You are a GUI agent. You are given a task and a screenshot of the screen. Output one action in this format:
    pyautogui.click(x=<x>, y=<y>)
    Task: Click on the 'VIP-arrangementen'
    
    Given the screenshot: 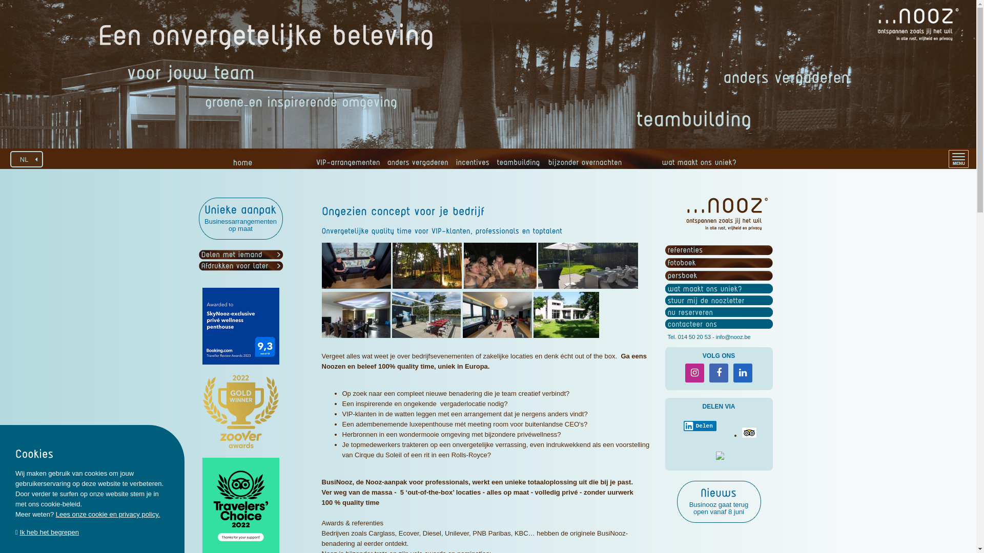 What is the action you would take?
    pyautogui.click(x=347, y=165)
    